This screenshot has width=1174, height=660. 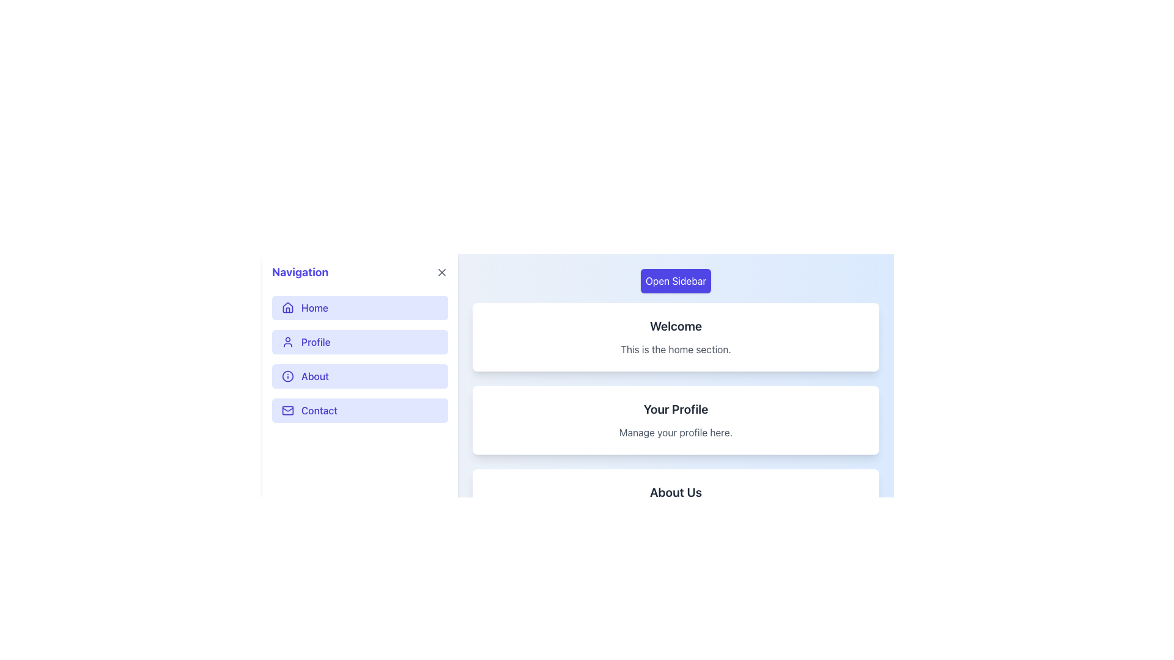 What do you see at coordinates (441, 272) in the screenshot?
I see `the close button located at the top-right corner of the navigation sidebar to hide or collapse it` at bounding box center [441, 272].